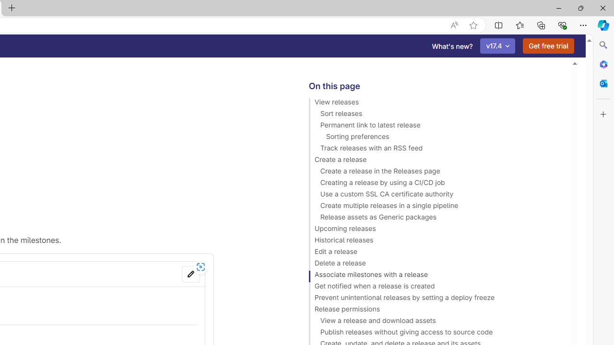 This screenshot has height=345, width=614. Describe the element at coordinates (435, 264) in the screenshot. I see `'Delete a release'` at that location.